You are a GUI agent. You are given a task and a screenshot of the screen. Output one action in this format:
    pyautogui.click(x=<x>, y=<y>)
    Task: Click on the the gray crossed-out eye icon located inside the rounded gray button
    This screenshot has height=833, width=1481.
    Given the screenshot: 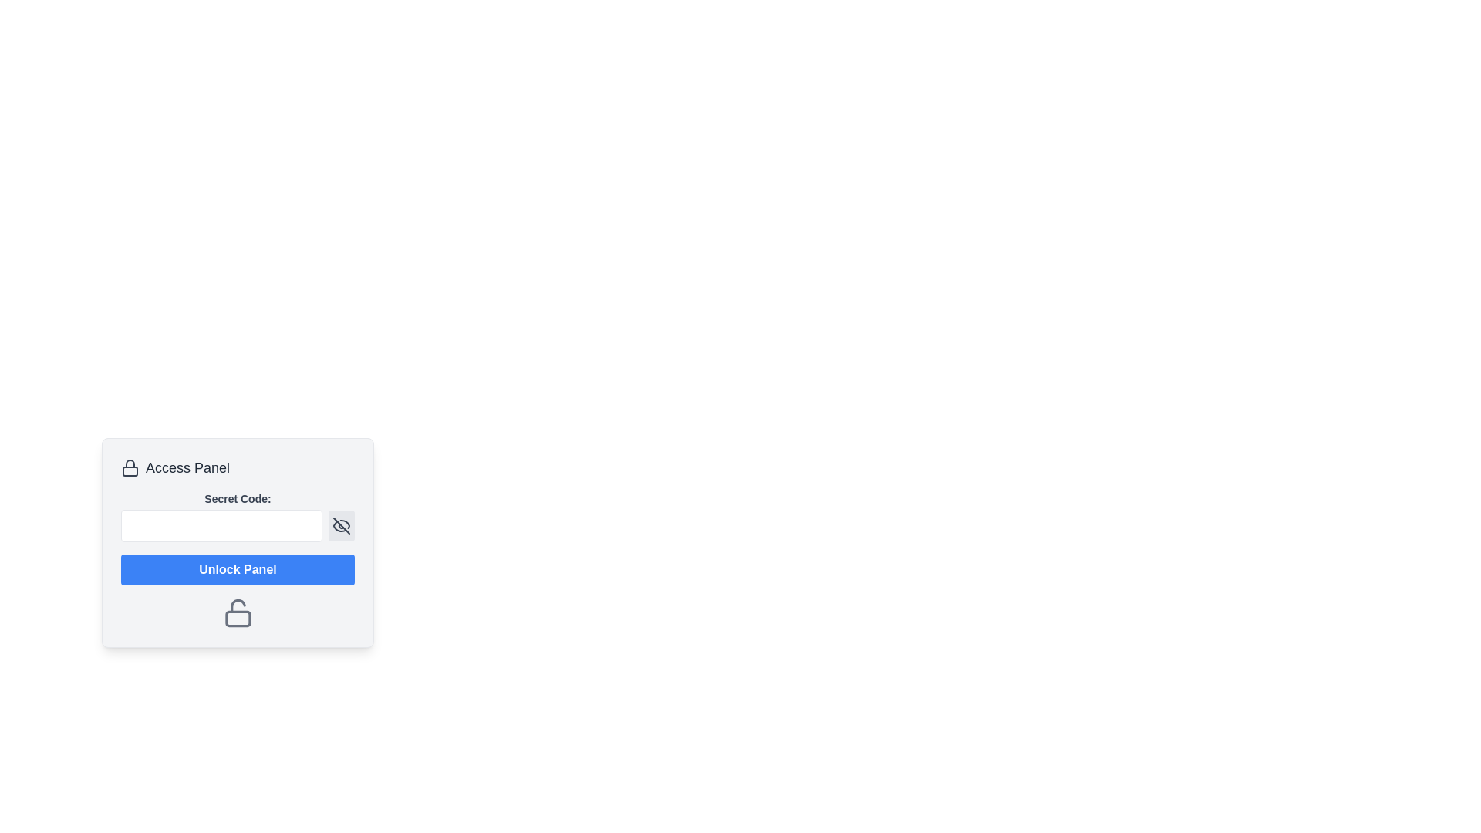 What is the action you would take?
    pyautogui.click(x=340, y=525)
    